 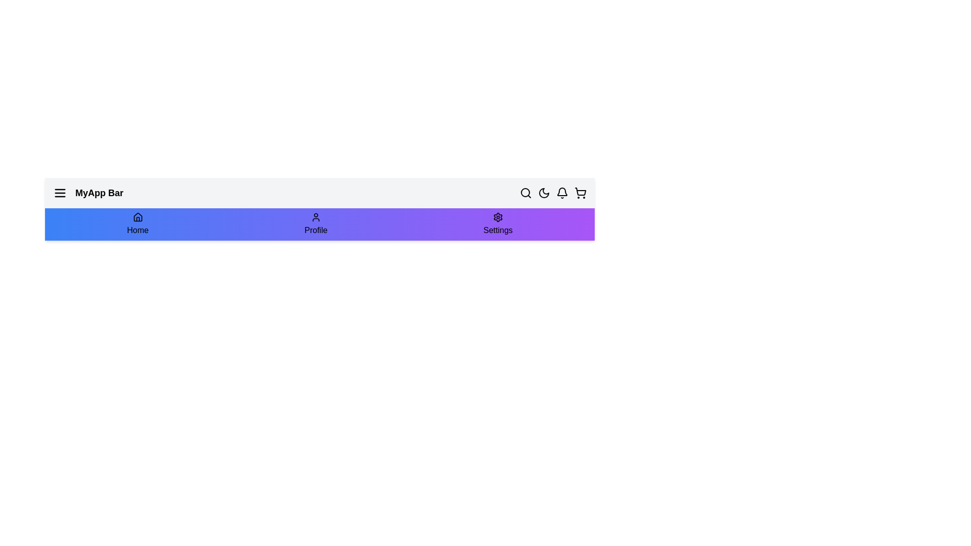 What do you see at coordinates (497, 223) in the screenshot?
I see `the Settings icon to navigate to the Settings page` at bounding box center [497, 223].